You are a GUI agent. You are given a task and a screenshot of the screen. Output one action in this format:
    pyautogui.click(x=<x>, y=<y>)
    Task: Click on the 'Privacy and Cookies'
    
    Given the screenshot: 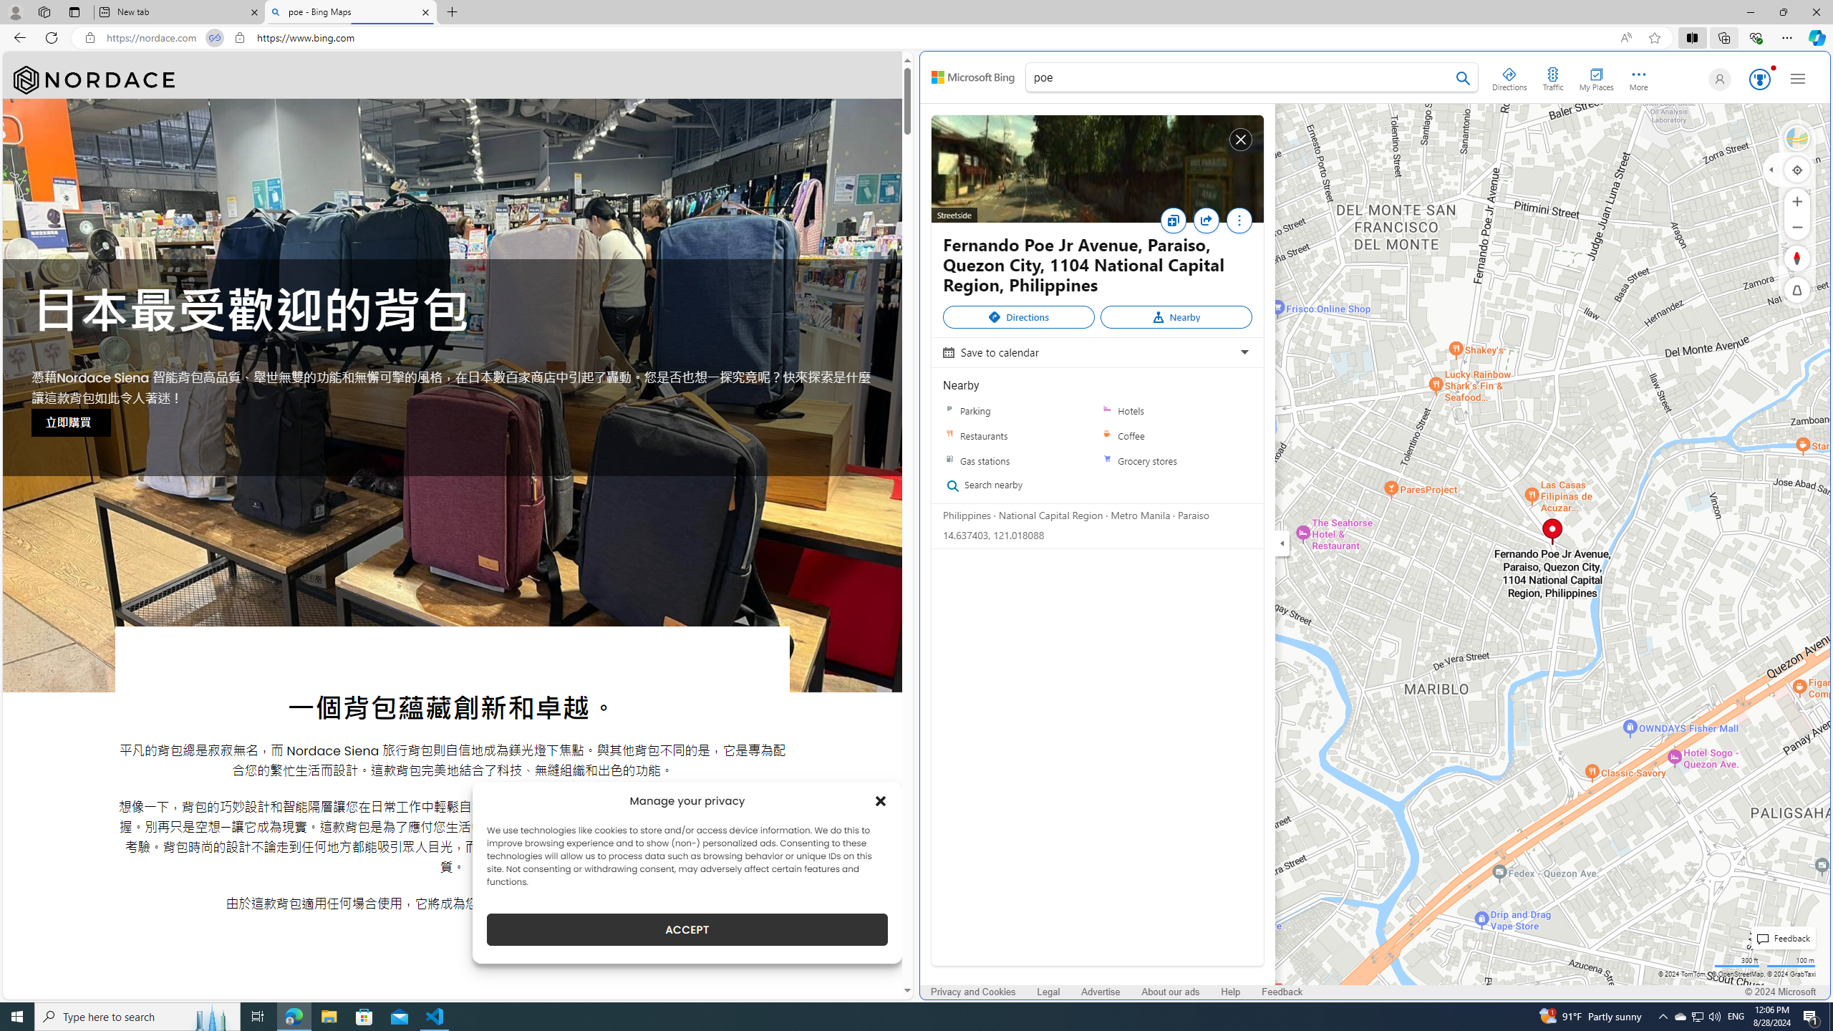 What is the action you would take?
    pyautogui.click(x=972, y=992)
    